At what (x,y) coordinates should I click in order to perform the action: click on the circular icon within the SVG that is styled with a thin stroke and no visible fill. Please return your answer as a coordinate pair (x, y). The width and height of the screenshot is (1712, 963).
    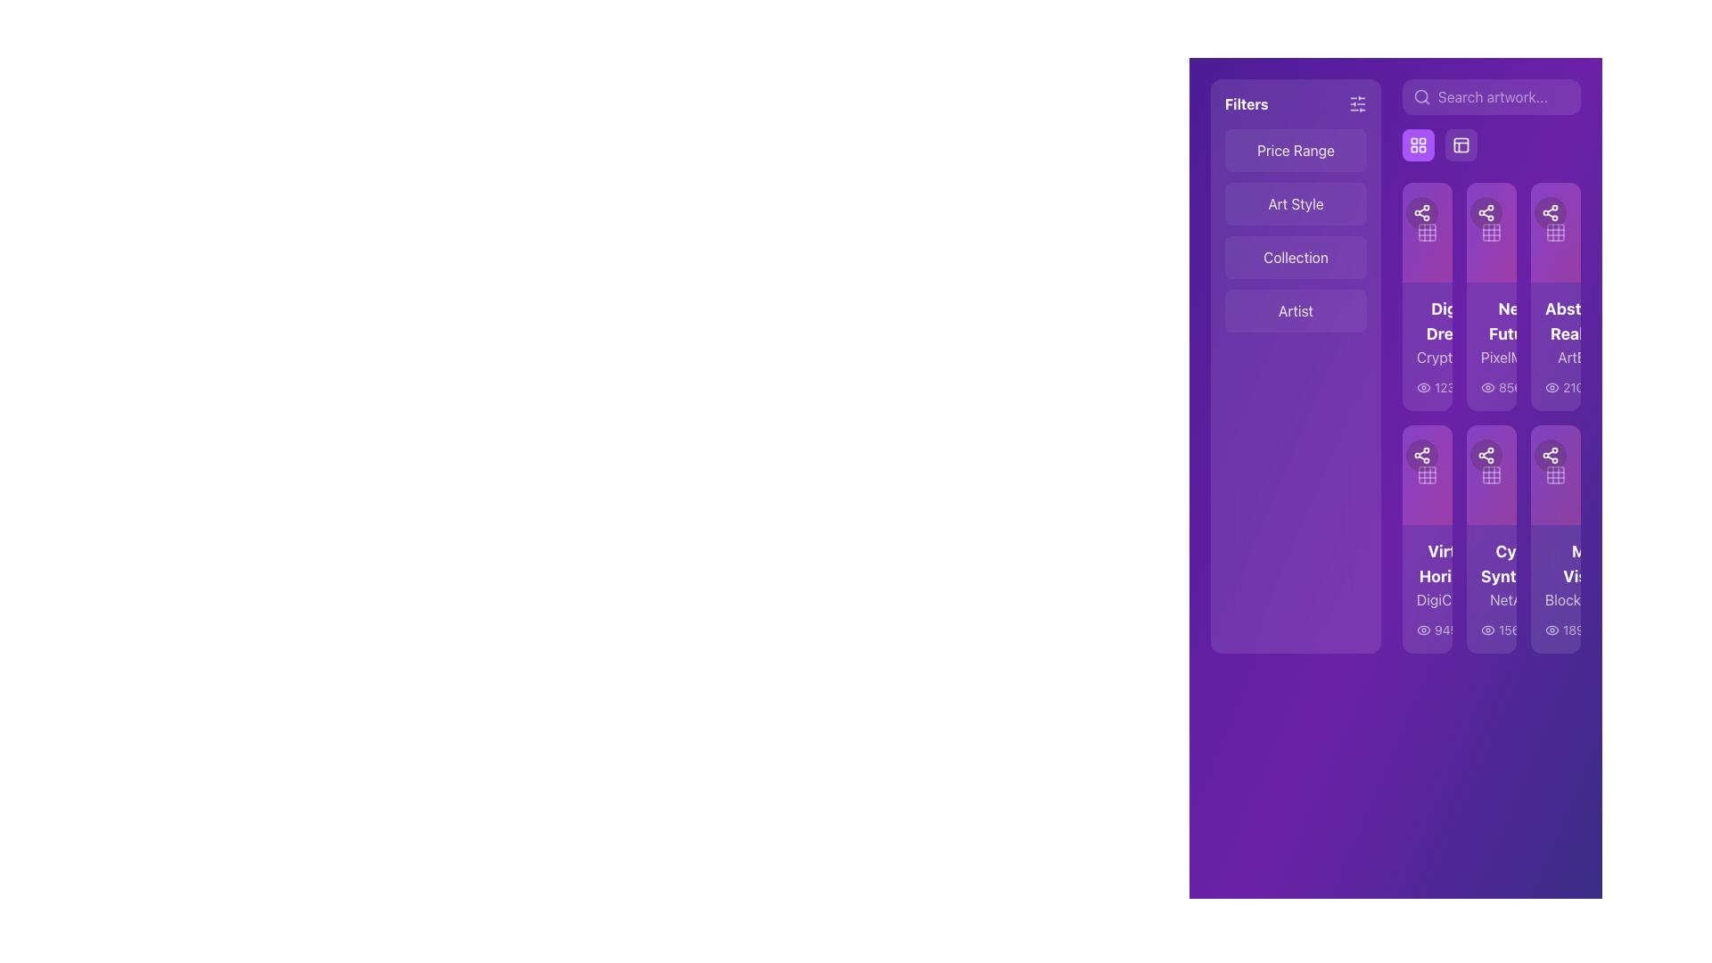
    Looking at the image, I should click on (1497, 629).